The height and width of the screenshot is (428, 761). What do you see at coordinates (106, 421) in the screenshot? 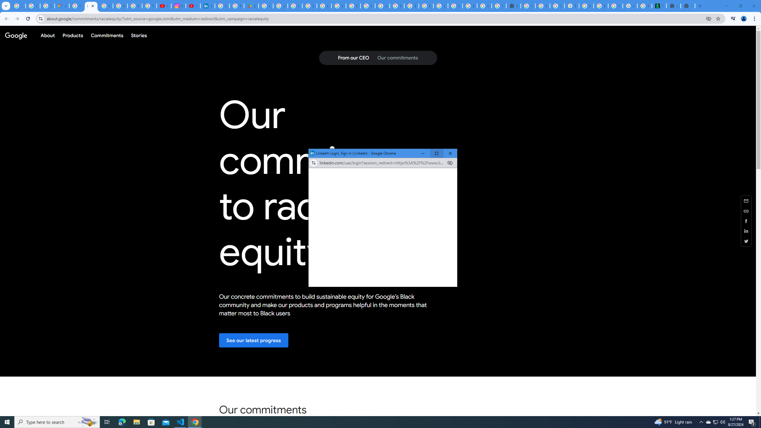
I see `'Task View'` at bounding box center [106, 421].